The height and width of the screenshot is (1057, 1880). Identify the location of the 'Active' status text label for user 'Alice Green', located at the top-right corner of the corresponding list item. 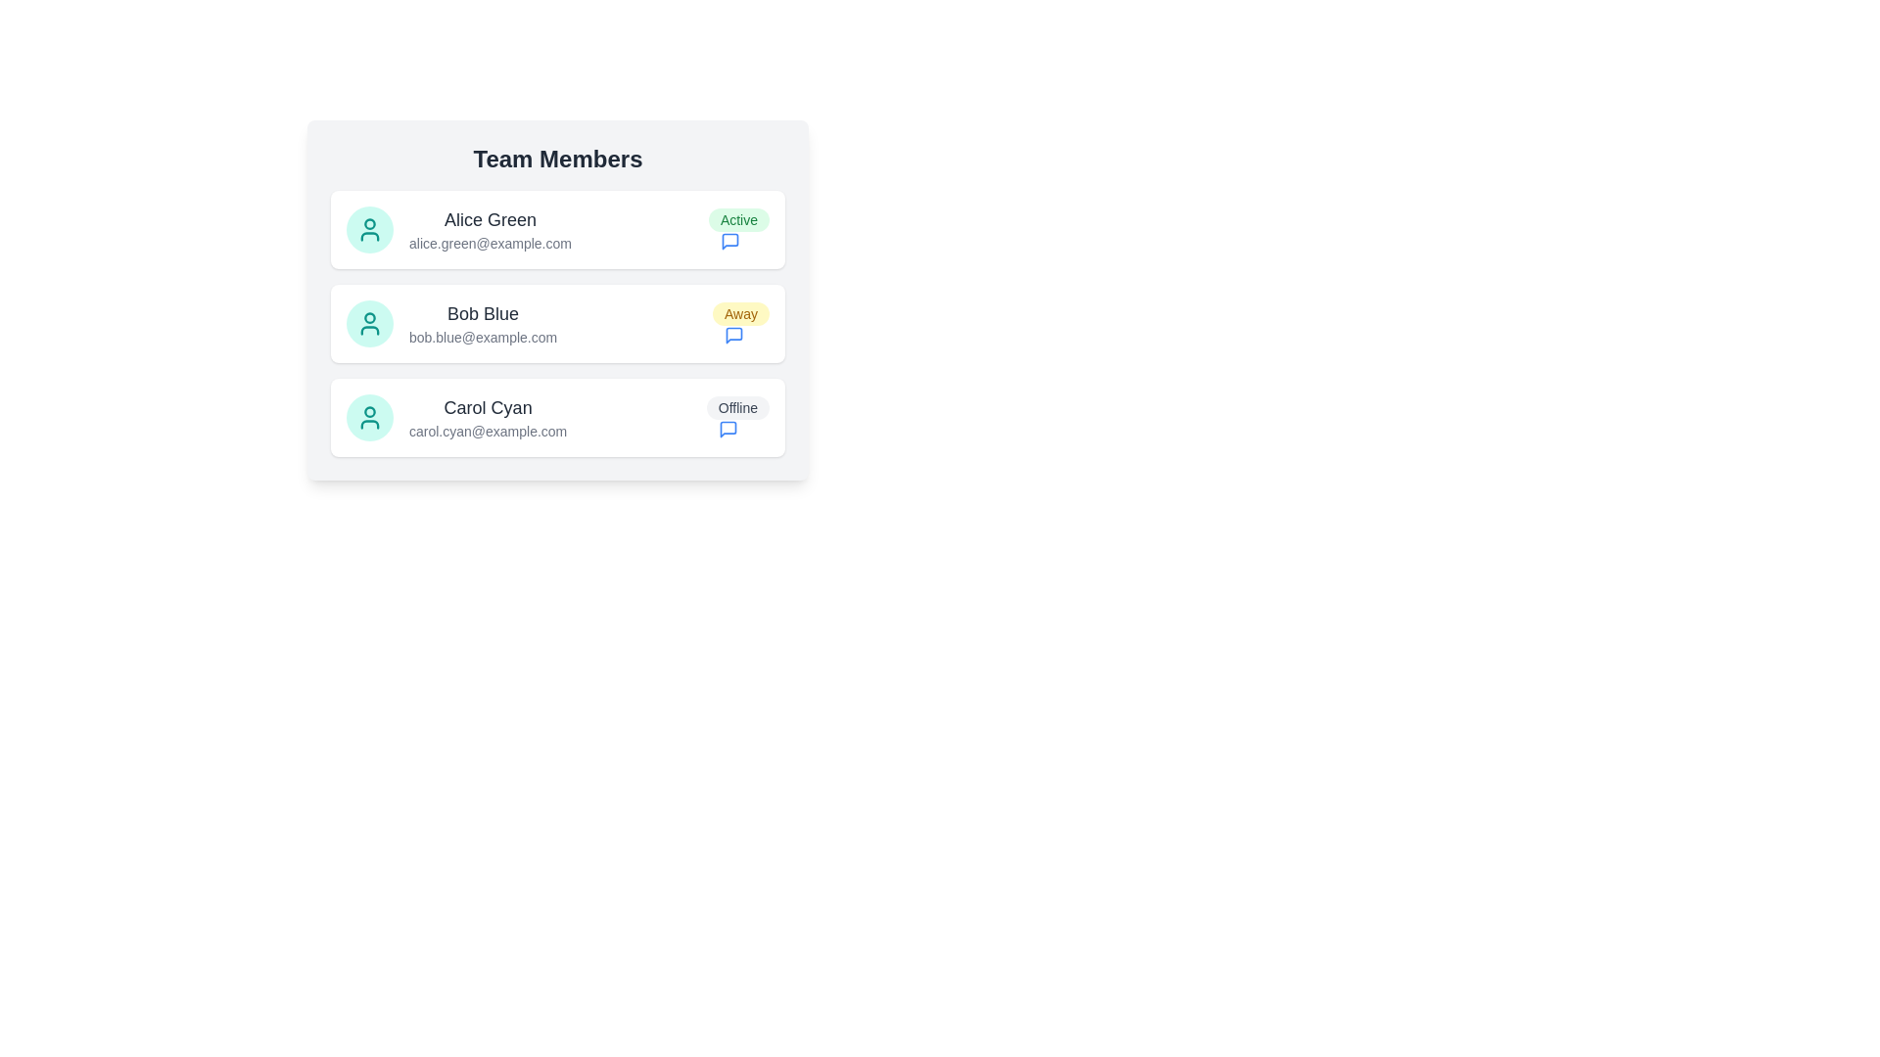
(737, 229).